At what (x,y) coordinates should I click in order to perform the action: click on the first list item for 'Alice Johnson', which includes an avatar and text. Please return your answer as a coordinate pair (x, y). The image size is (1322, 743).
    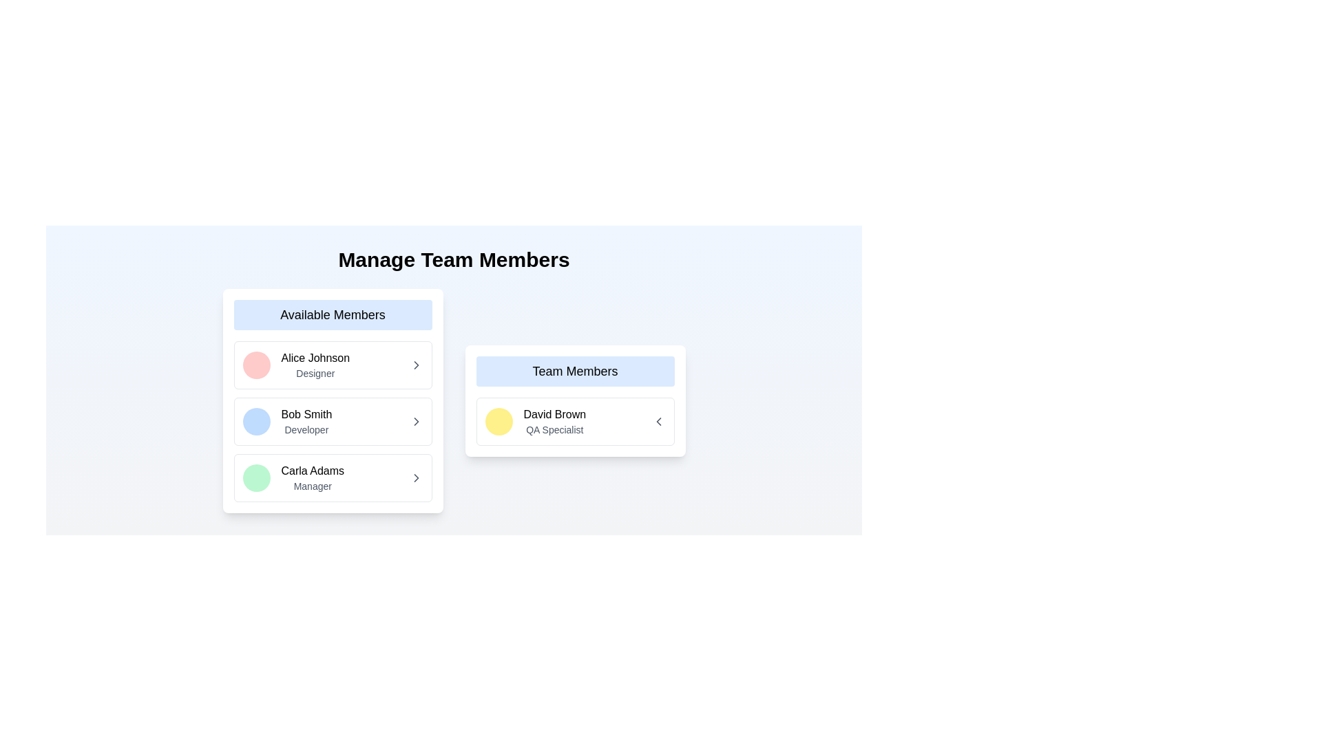
    Looking at the image, I should click on (333, 365).